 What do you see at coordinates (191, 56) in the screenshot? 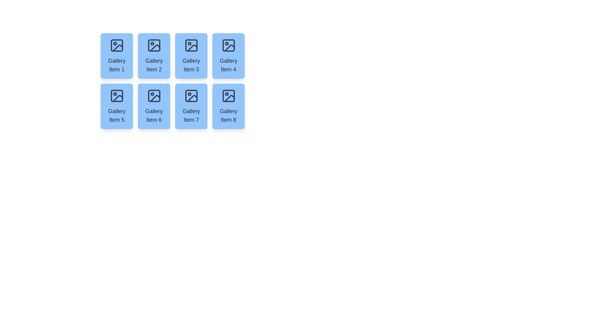
I see `the Static display card featuring a light blue background and the text 'Gallery Item 3', located in the top row of the grid layout, third position from the left` at bounding box center [191, 56].